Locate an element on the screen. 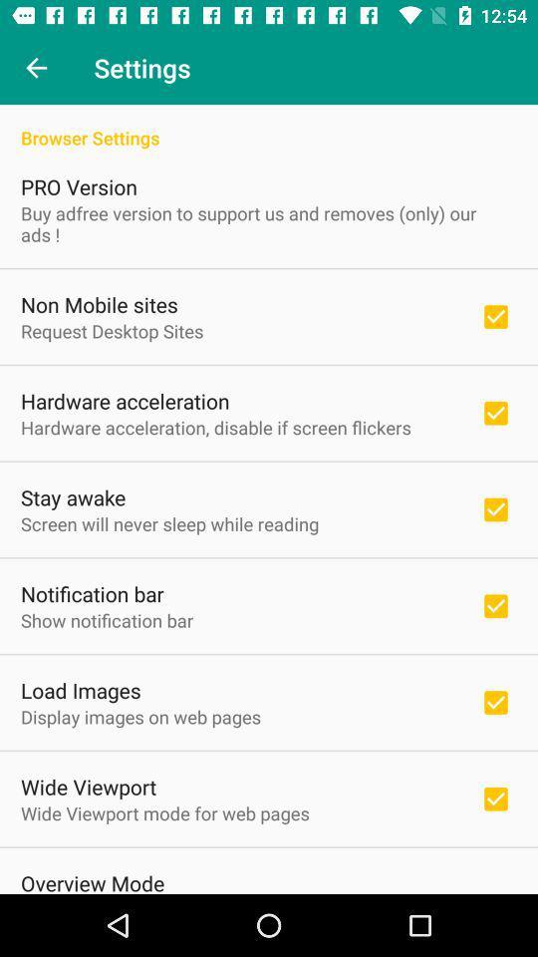 The image size is (538, 957). the stay awake item is located at coordinates (72, 496).